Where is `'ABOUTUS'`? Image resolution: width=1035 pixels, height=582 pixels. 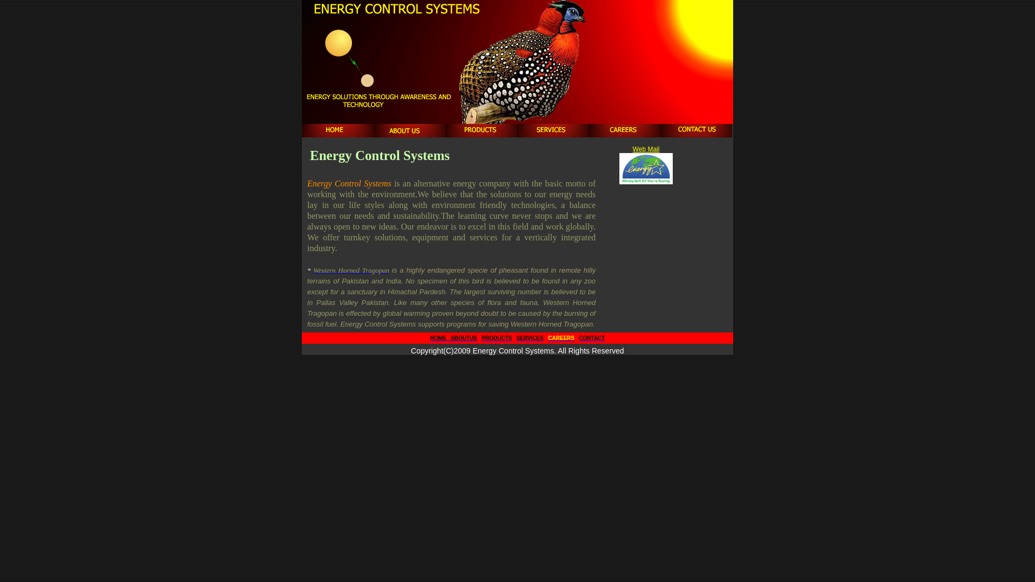
'ABOUTUS' is located at coordinates (463, 337).